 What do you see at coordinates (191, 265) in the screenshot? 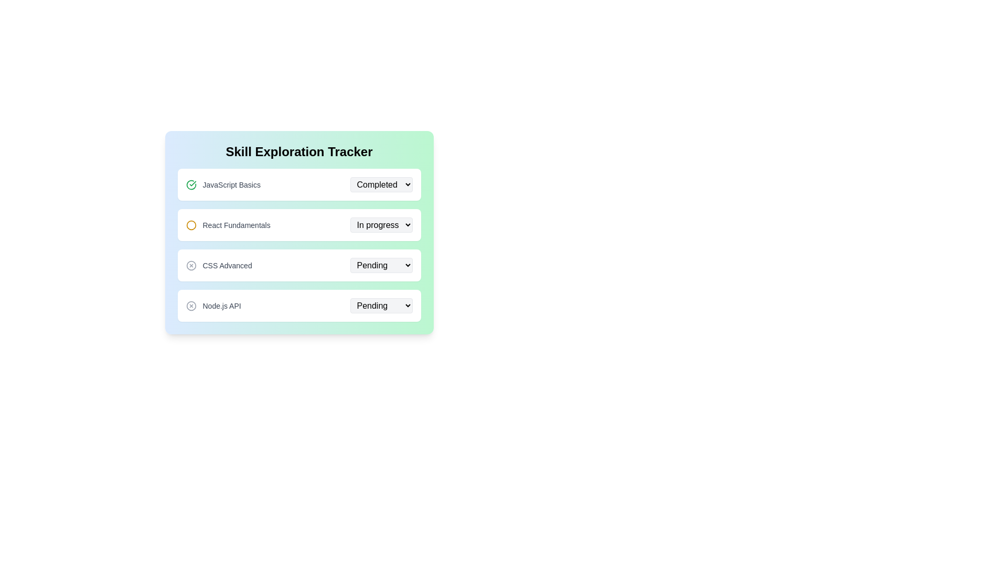
I see `the status indicator icon related to the 'CSS Advanced' item` at bounding box center [191, 265].